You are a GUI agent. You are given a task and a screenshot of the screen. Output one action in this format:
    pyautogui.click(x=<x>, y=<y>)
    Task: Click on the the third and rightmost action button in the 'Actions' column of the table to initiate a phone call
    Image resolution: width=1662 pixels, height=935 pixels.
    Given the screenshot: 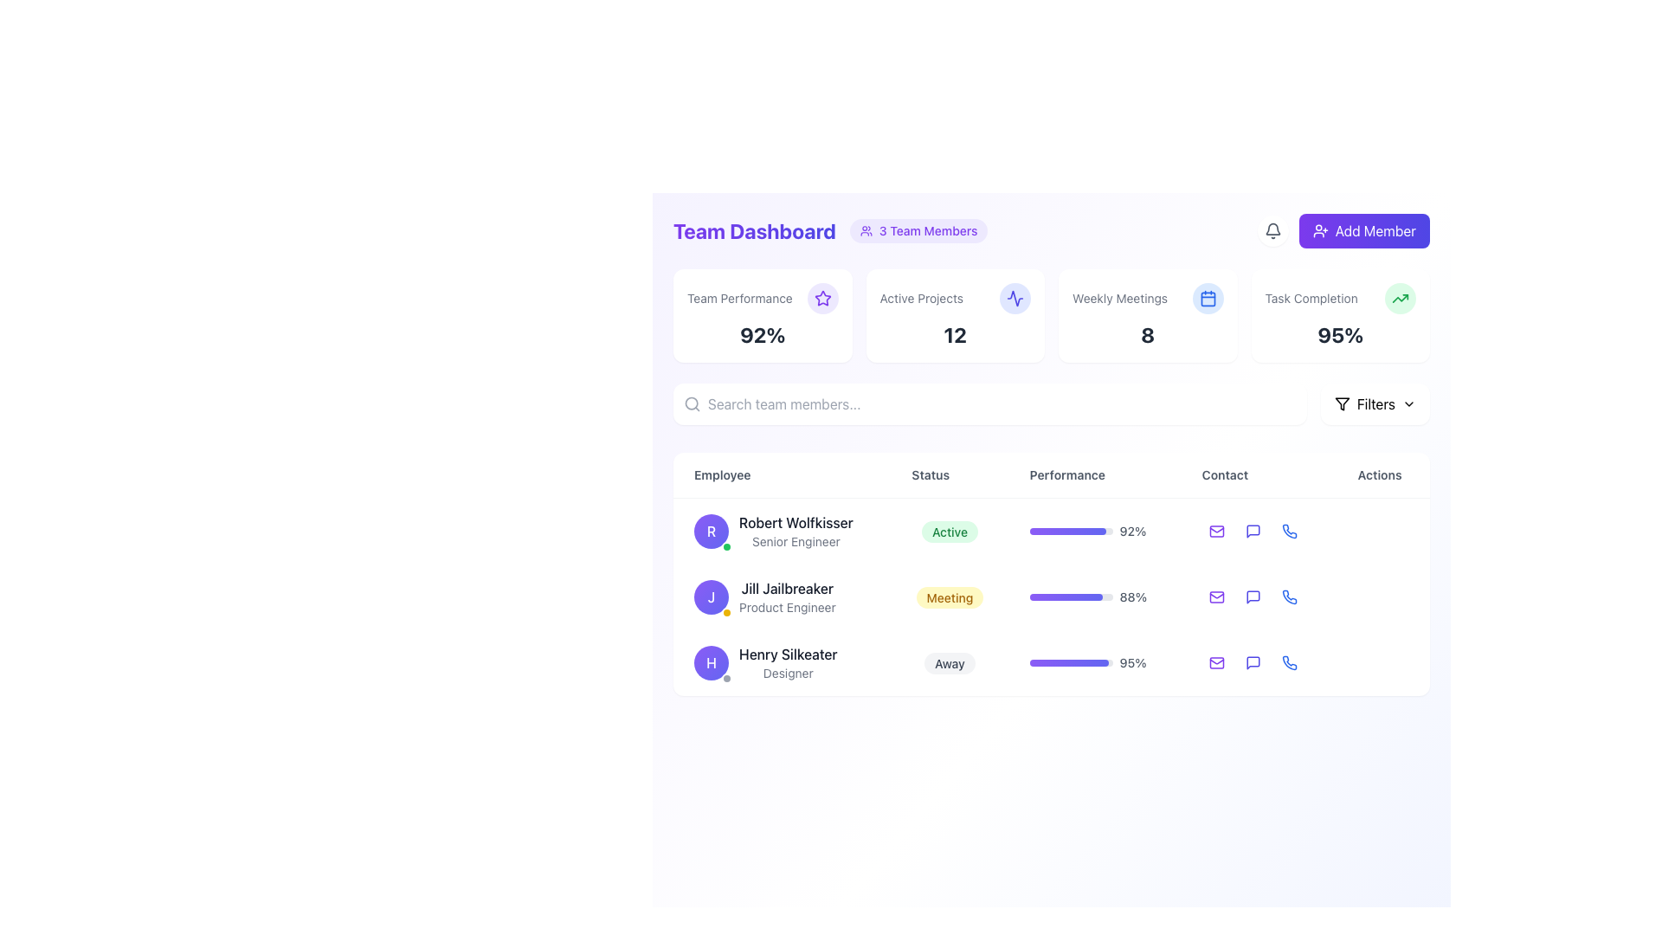 What is the action you would take?
    pyautogui.click(x=1289, y=530)
    